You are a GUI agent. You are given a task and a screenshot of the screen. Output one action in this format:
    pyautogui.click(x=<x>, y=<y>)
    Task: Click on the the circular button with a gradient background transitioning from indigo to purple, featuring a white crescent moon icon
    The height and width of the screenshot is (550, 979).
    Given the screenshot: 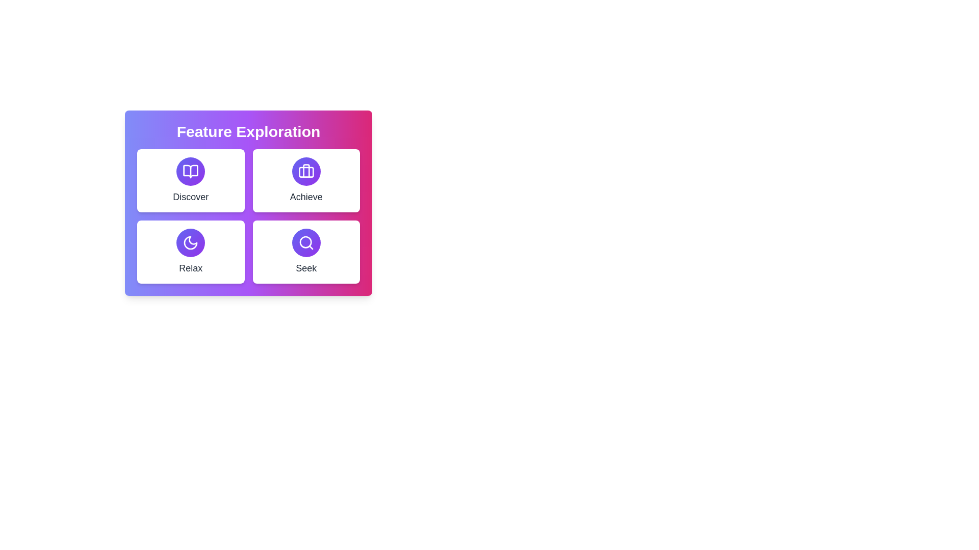 What is the action you would take?
    pyautogui.click(x=191, y=243)
    